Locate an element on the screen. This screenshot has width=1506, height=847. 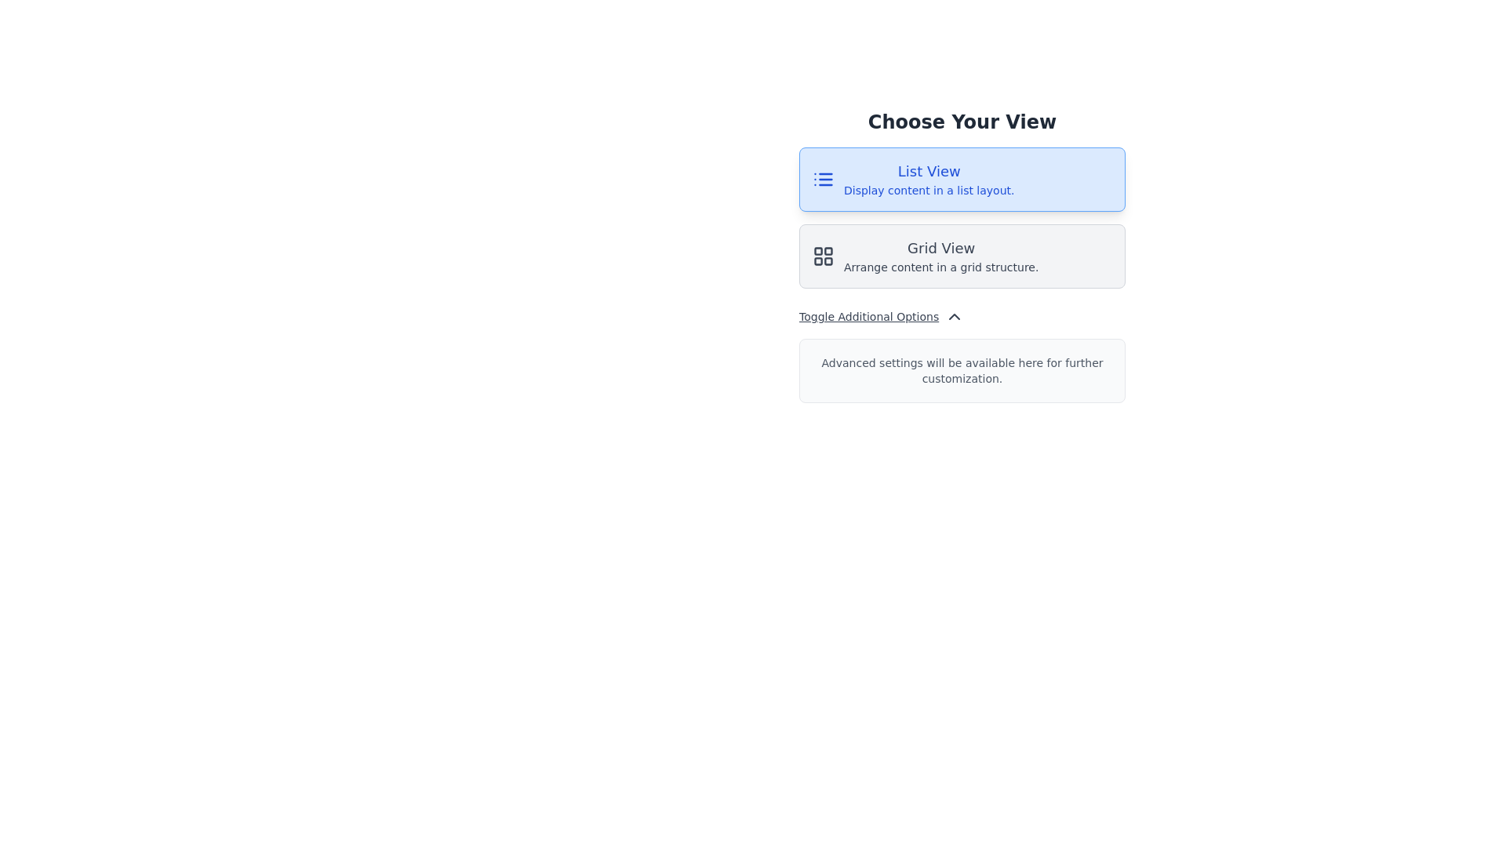
the list icon located within the 'List View' button, which is characterized by horizontal lines and dots in a blue color scheme, positioned to the left of the 'List View' text label is located at coordinates (823, 178).